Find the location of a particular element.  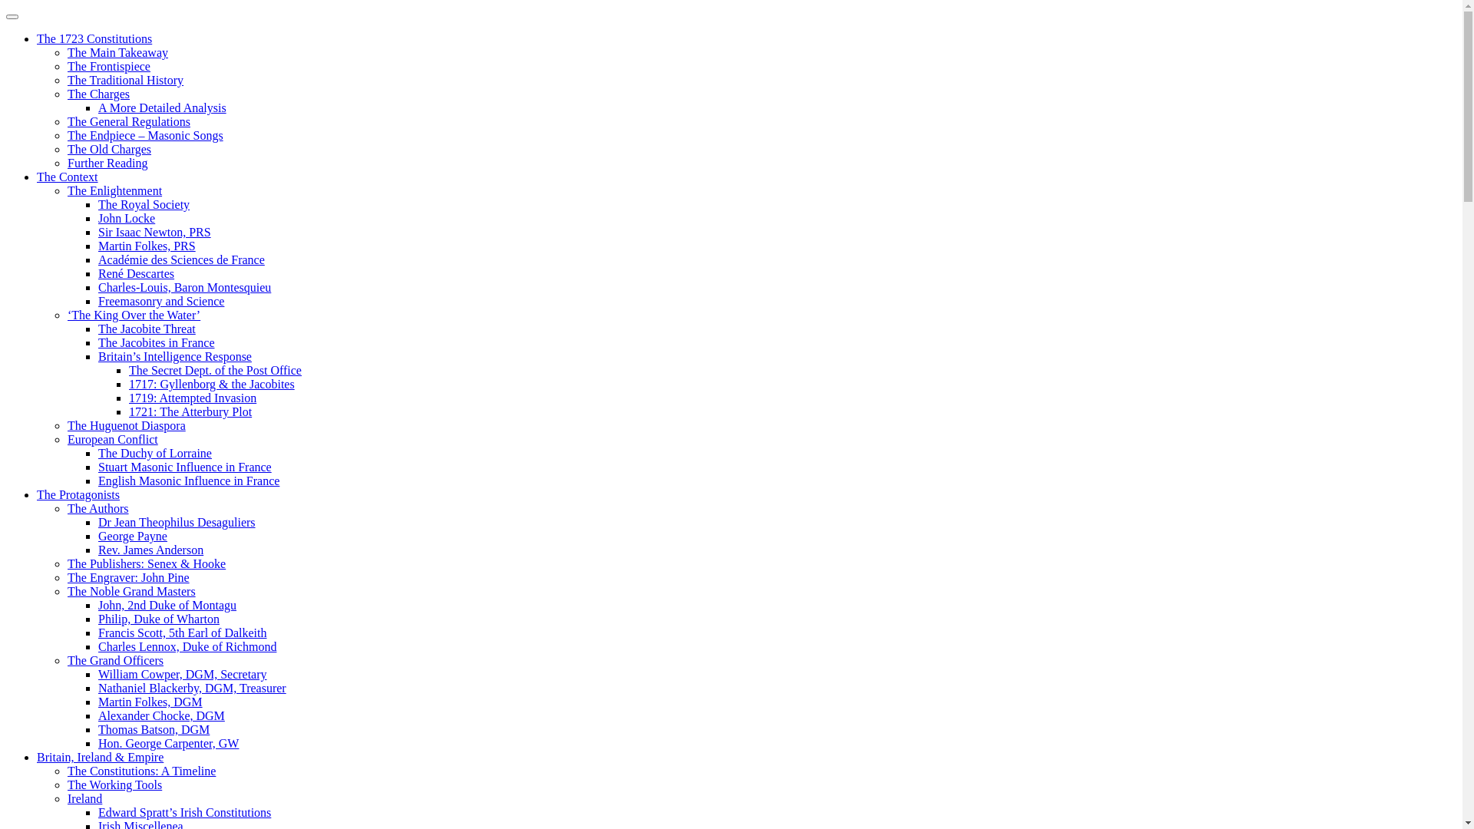

'The General Regulations' is located at coordinates (129, 121).